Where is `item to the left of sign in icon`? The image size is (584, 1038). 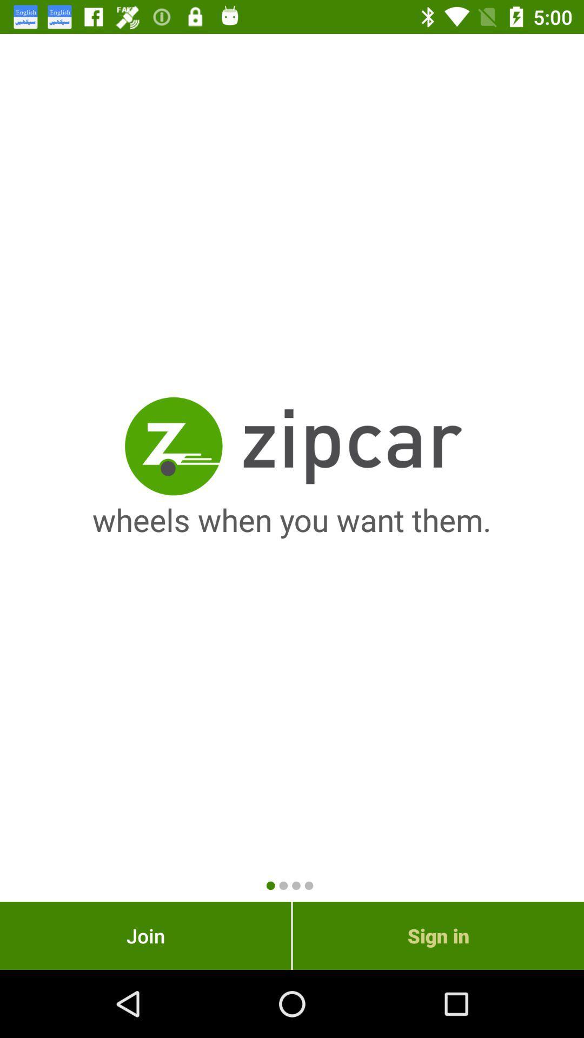
item to the left of sign in icon is located at coordinates (145, 935).